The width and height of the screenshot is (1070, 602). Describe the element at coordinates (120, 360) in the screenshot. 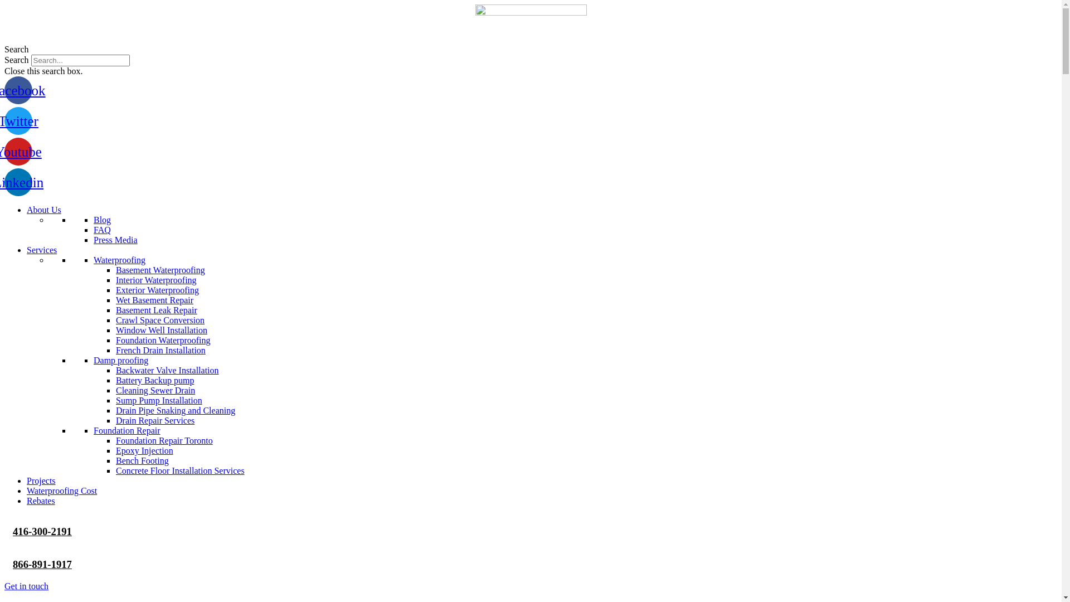

I see `'Damp proofing'` at that location.